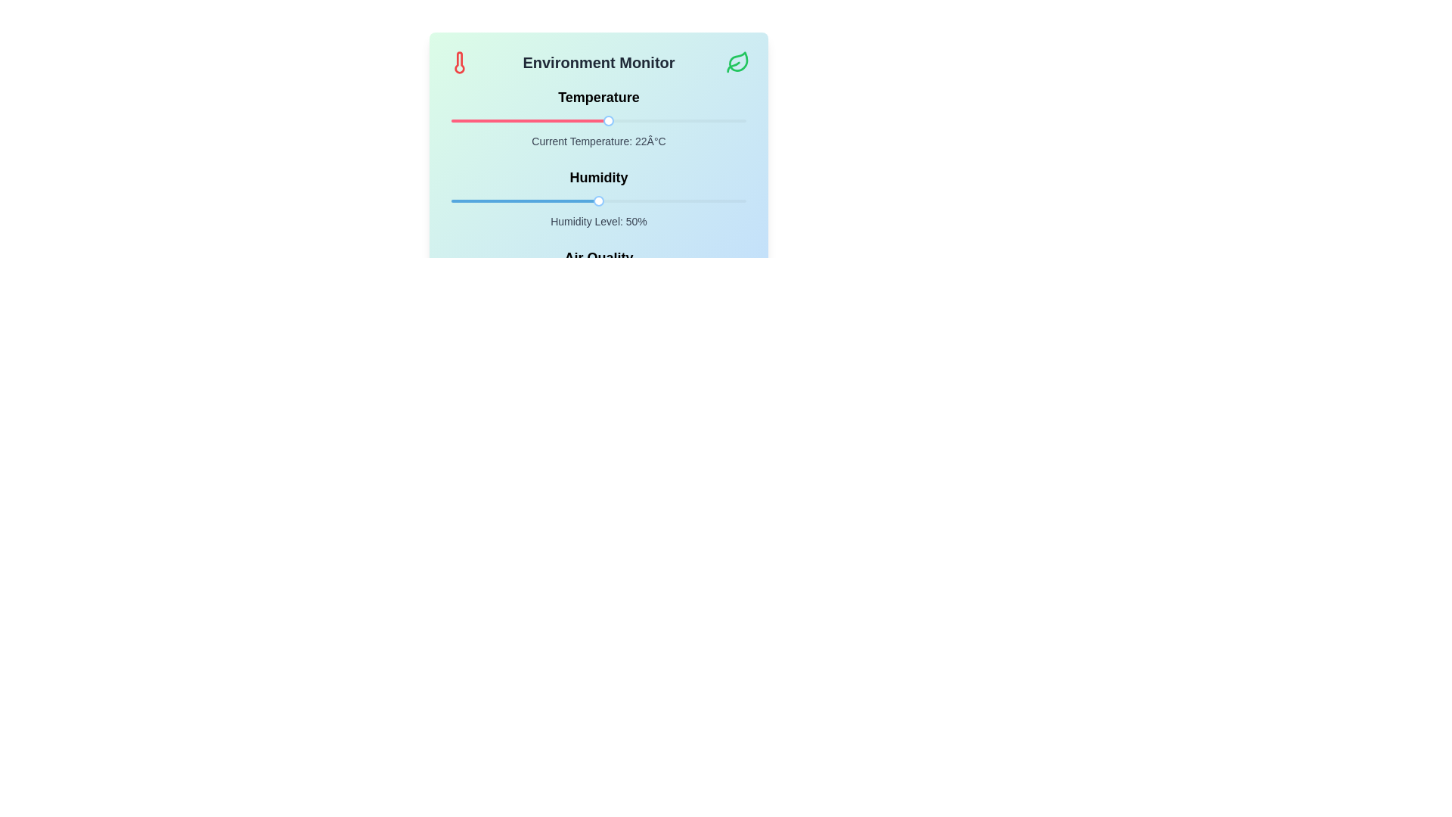 This screenshot has width=1452, height=817. I want to click on humidity, so click(513, 200).